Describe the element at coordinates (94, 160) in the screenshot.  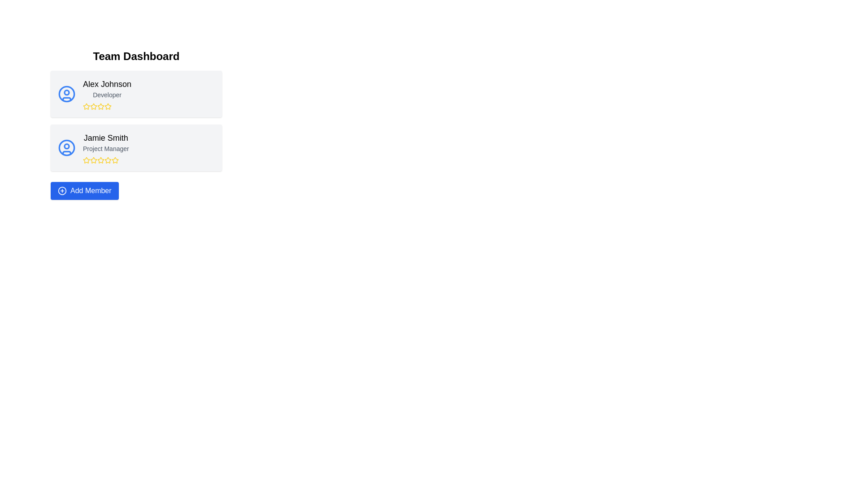
I see `the second star icon below the text 'Jamie Smith', which represents the second level of the rating scale in a 5-star system, to modify its state` at that location.